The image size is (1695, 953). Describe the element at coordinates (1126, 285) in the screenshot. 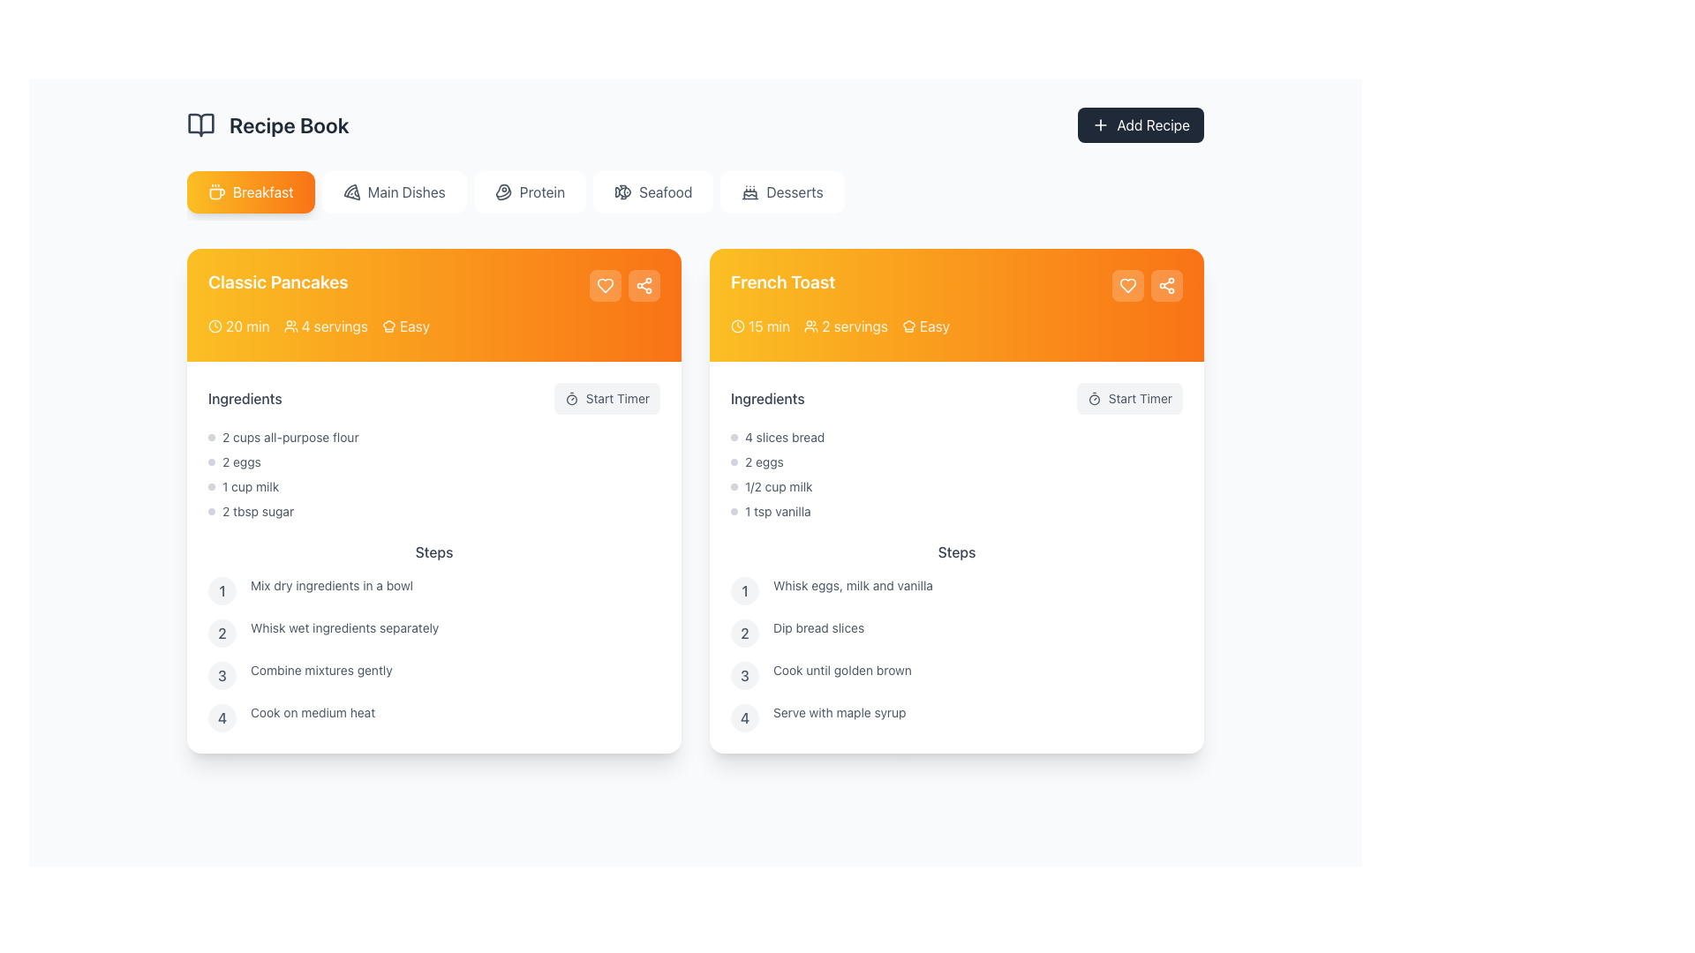

I see `the rounded square button with a light orange background and a white heart icon` at that location.